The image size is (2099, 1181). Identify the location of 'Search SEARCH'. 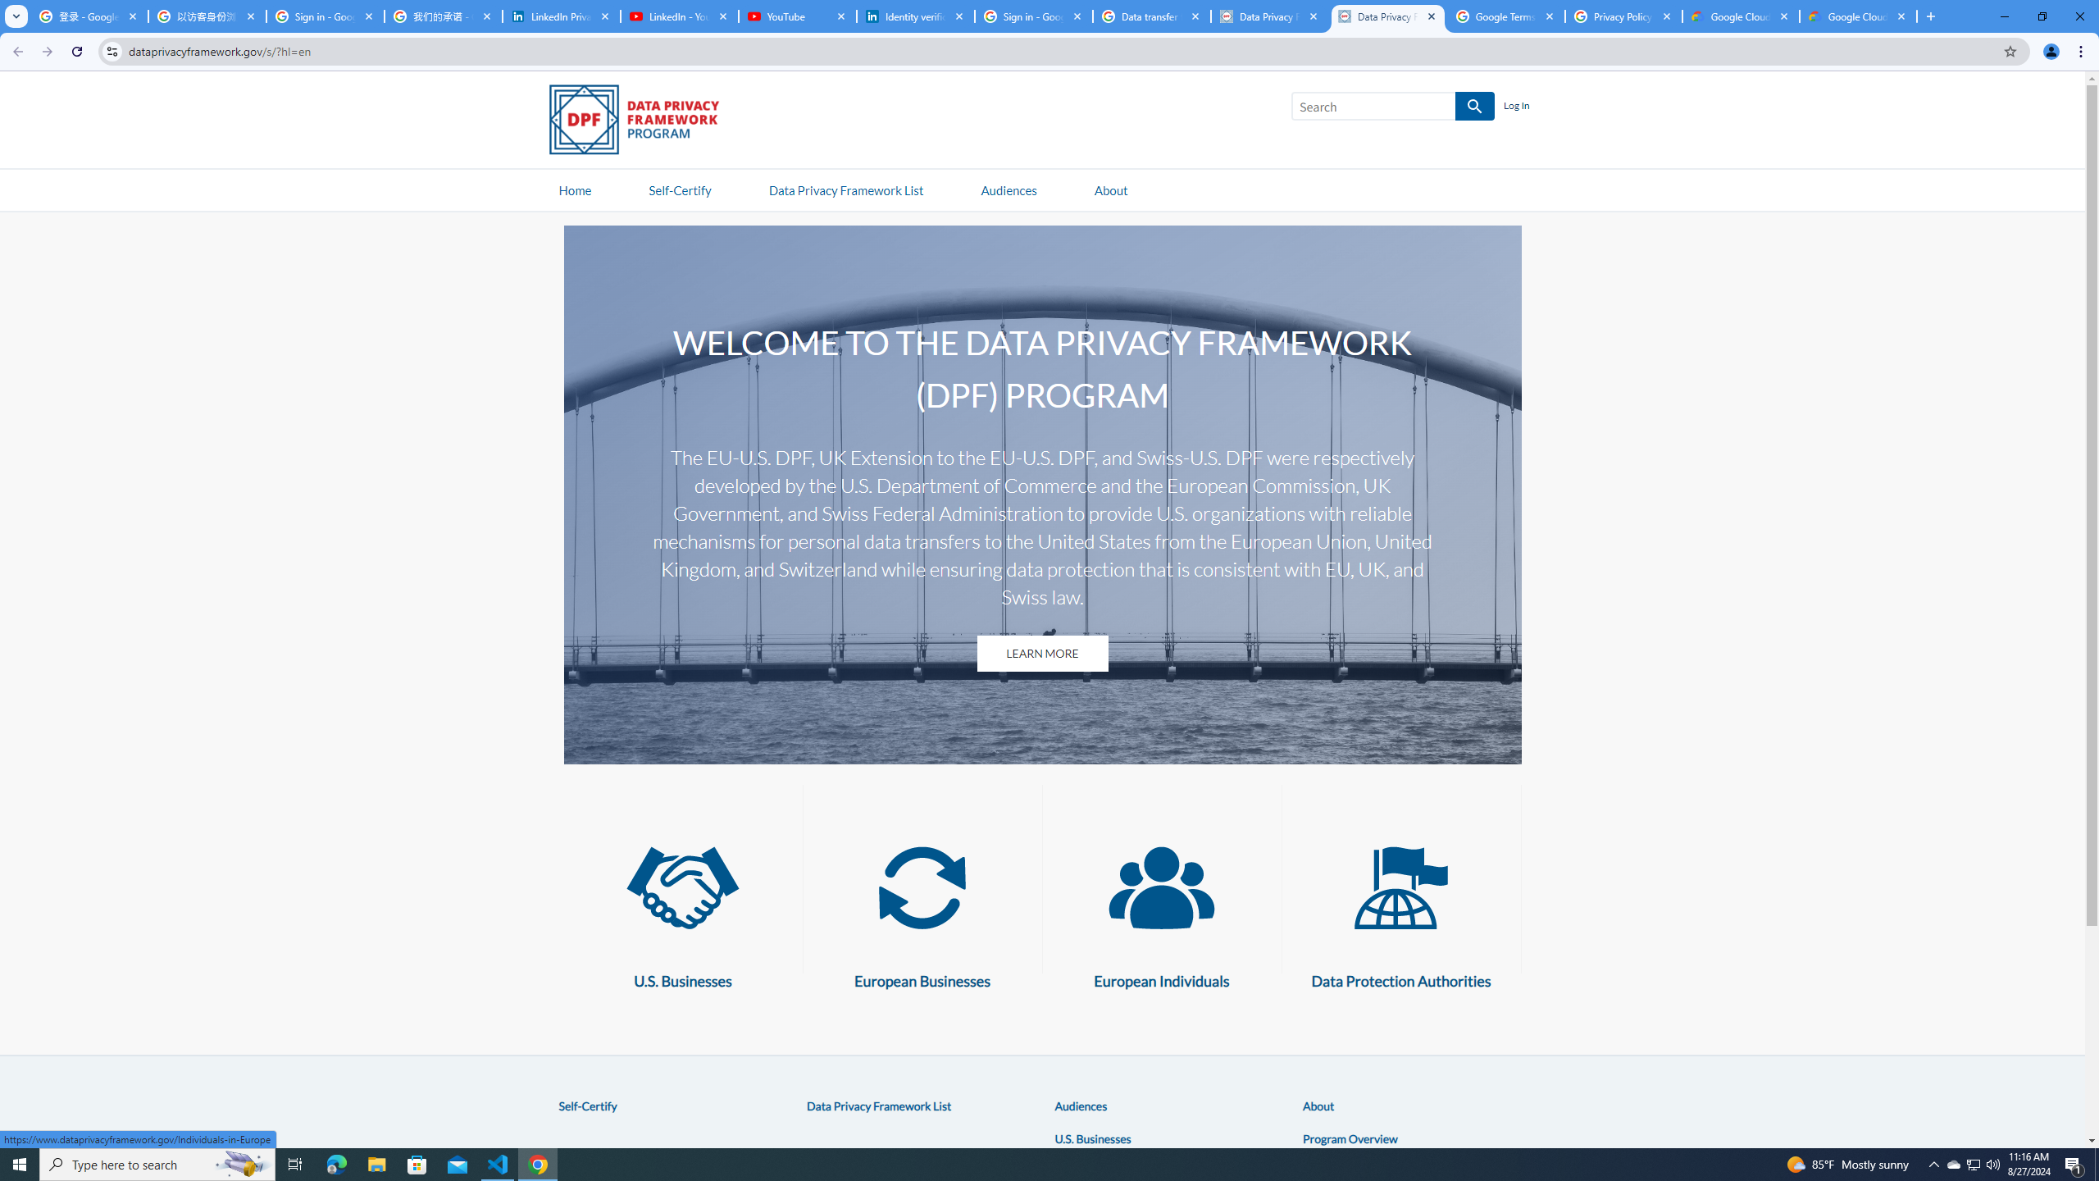
(1391, 109).